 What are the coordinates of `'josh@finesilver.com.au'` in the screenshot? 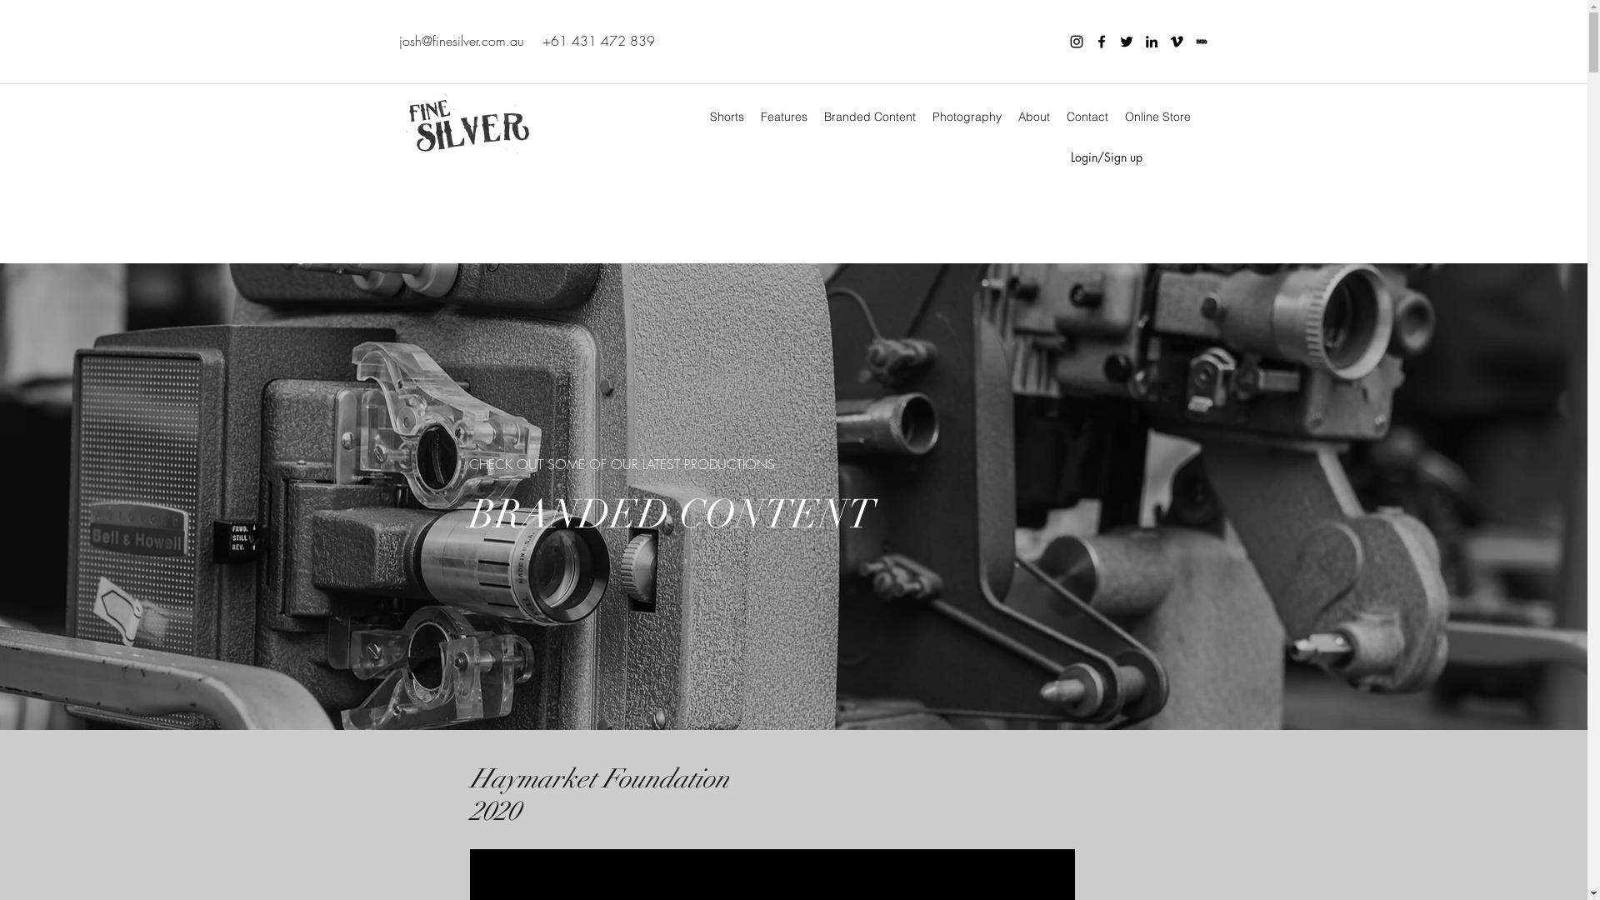 It's located at (460, 40).